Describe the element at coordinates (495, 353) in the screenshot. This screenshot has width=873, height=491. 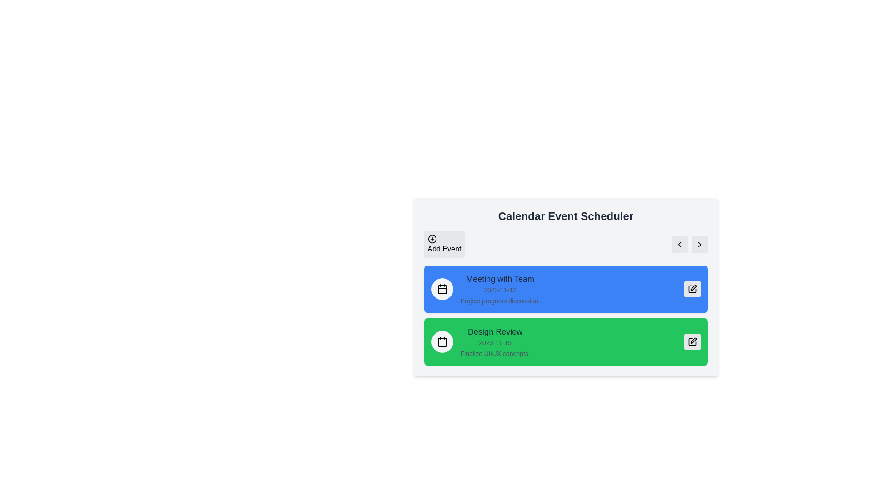
I see `the static text label displaying supplementary information related to the 'Design Review' item in the calendar event scheduler, located under the date '2023-11-15' within a green box` at that location.